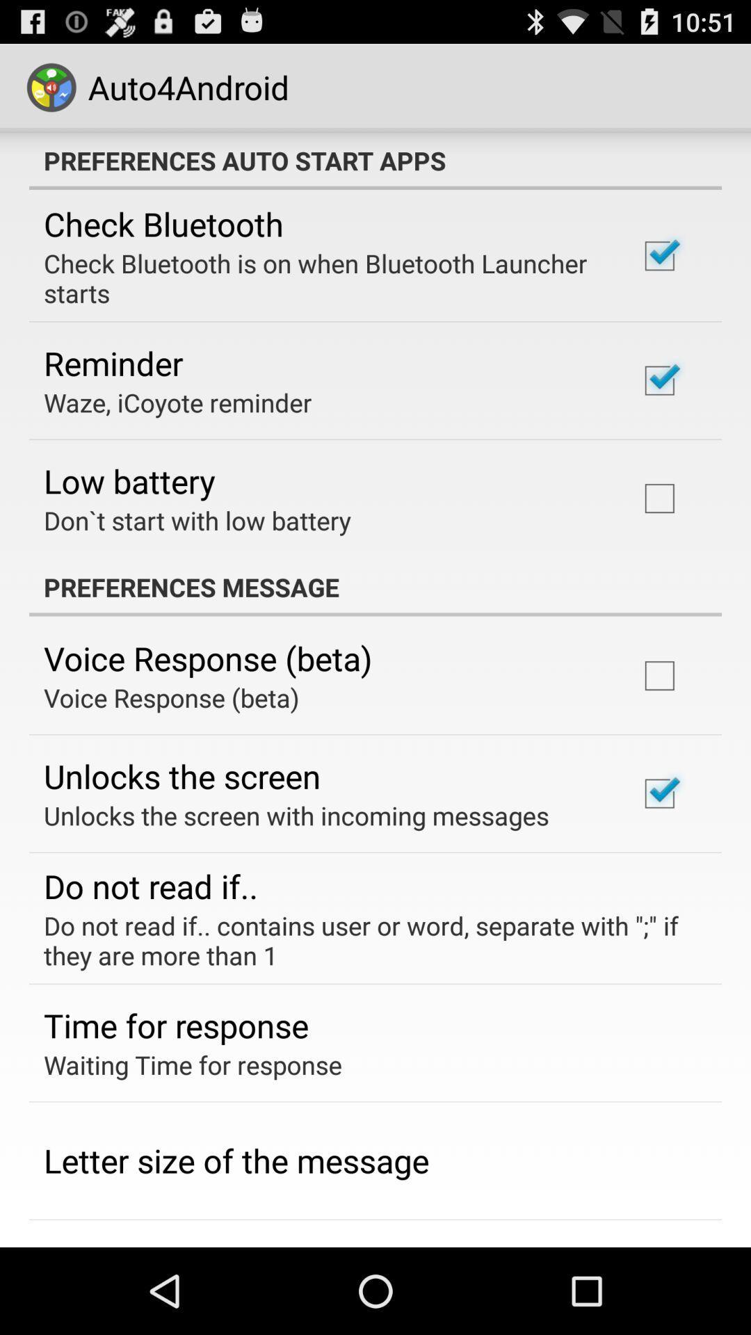  I want to click on the icon above the check bluetooth, so click(375, 160).